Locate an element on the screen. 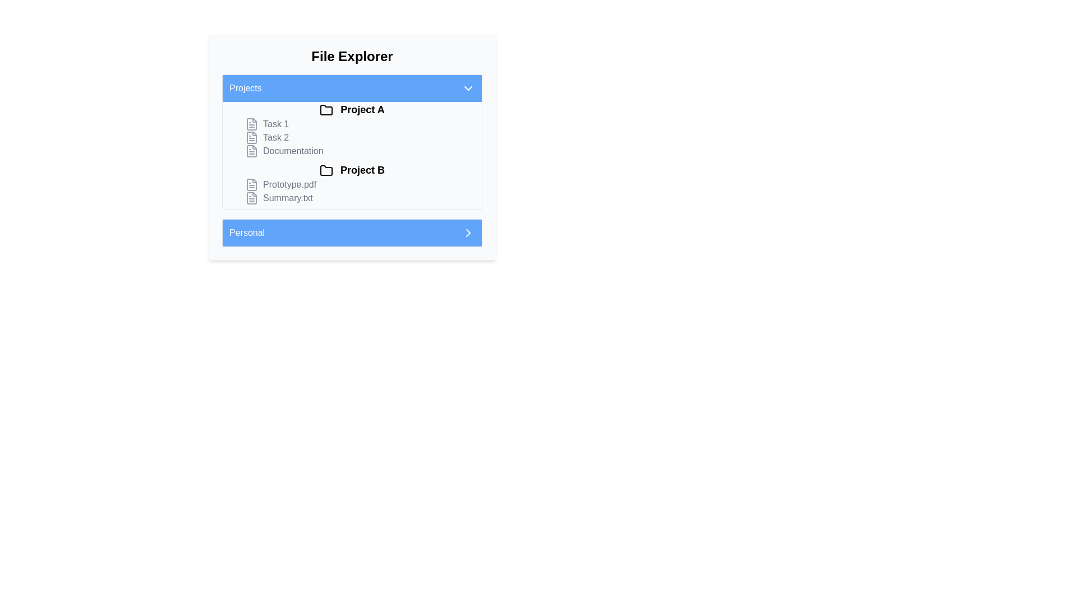  the document icon is located at coordinates (251, 137).